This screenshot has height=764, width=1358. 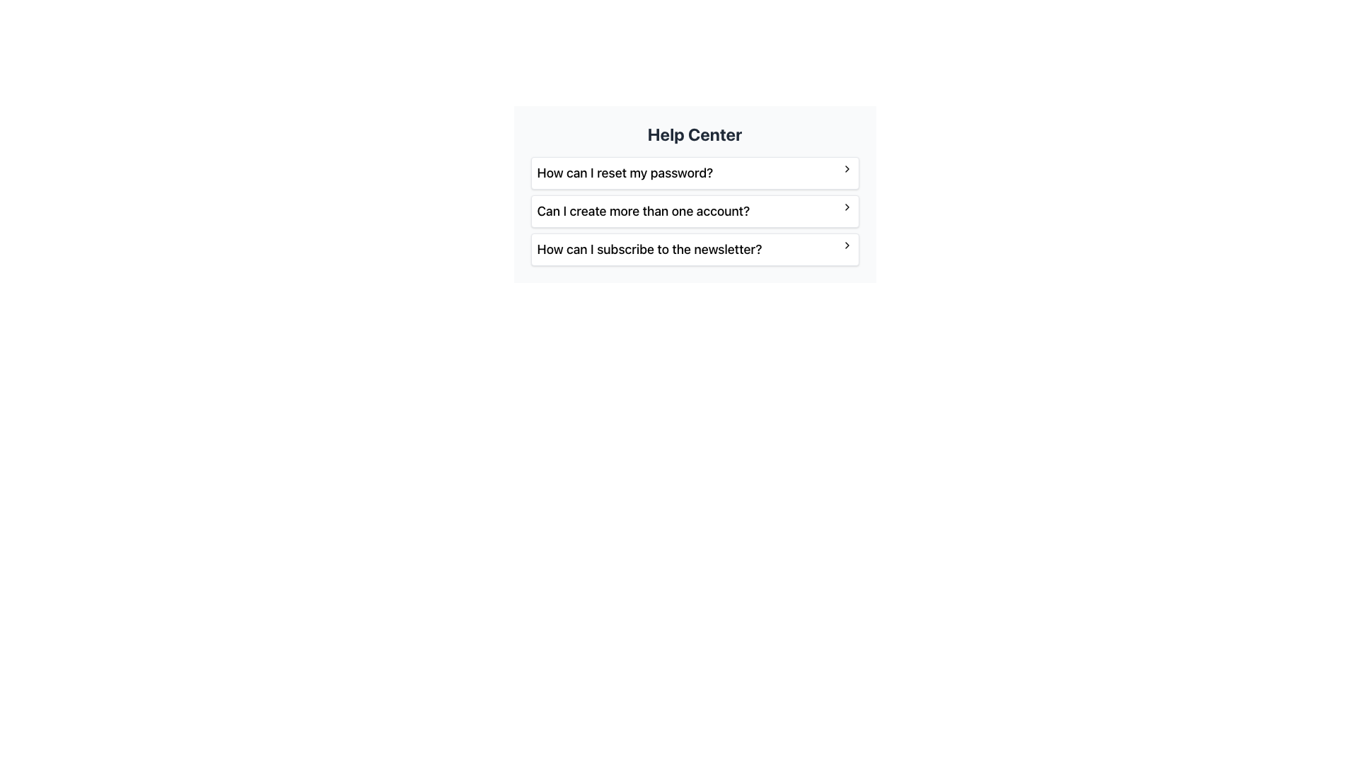 I want to click on the third Clickable Text Block in the FAQ section of the Help Center, which is styled with a medium-sized bold font and has a down arrow icon to its right, so click(x=695, y=249).